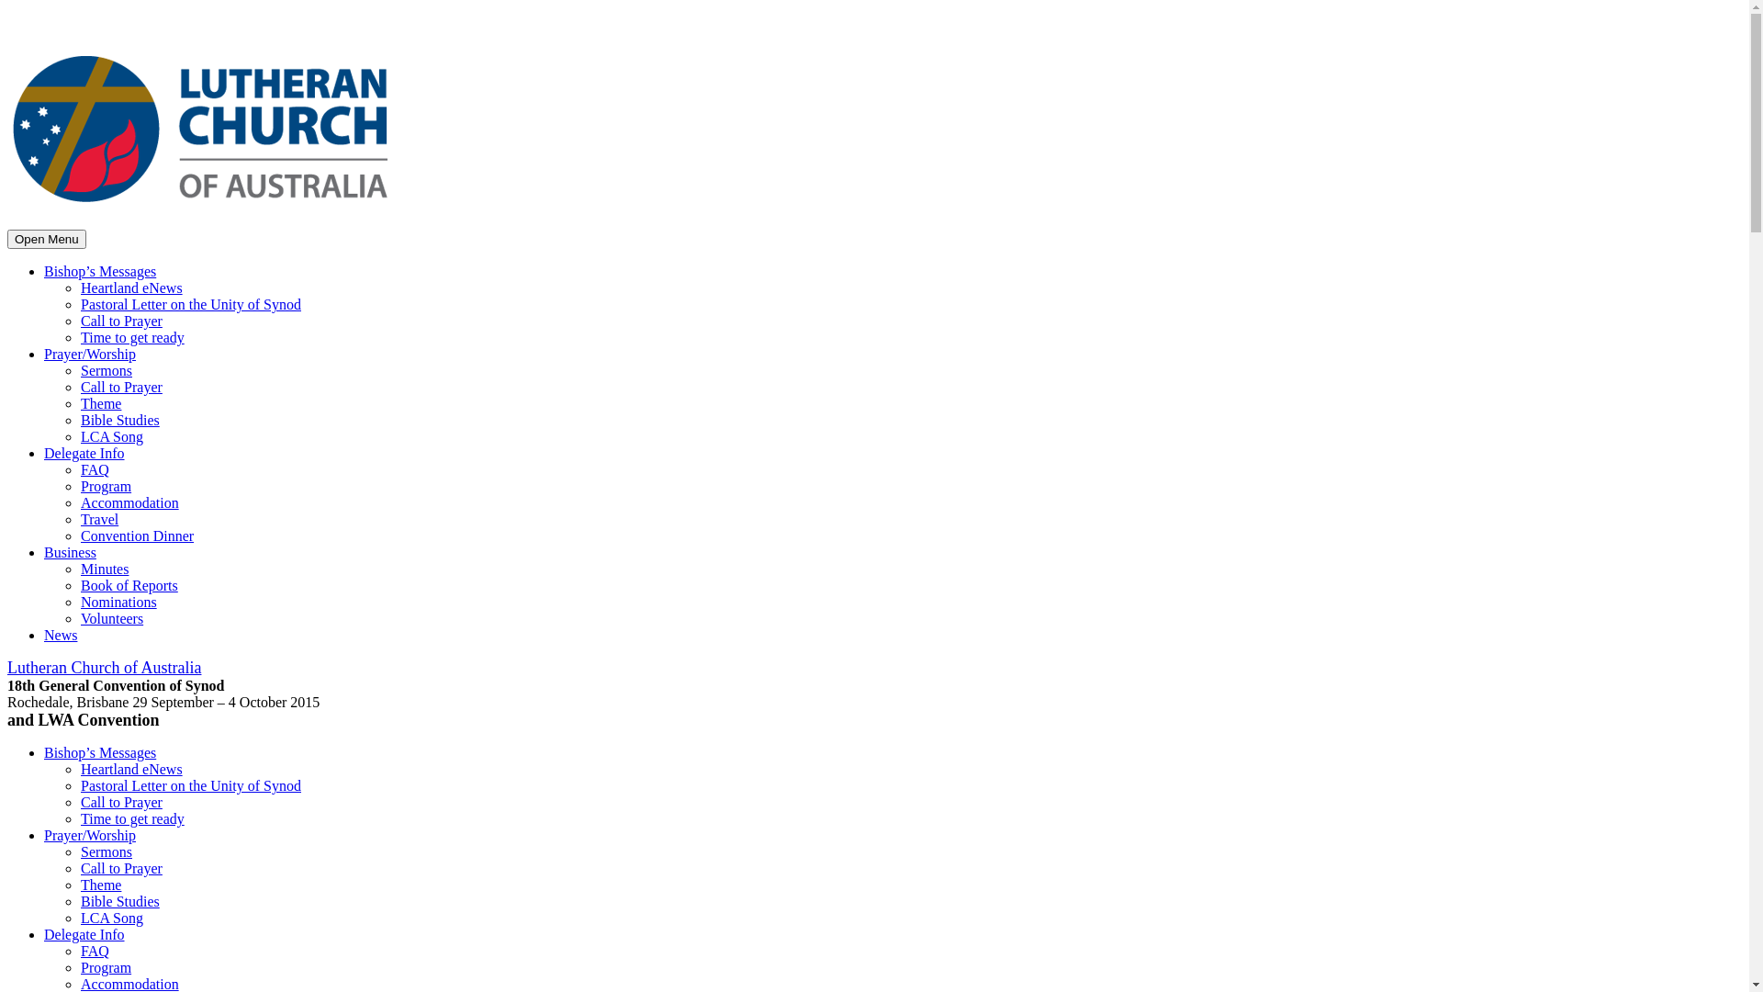 This screenshot has width=1763, height=992. I want to click on 'Call to Prayer', so click(120, 801).